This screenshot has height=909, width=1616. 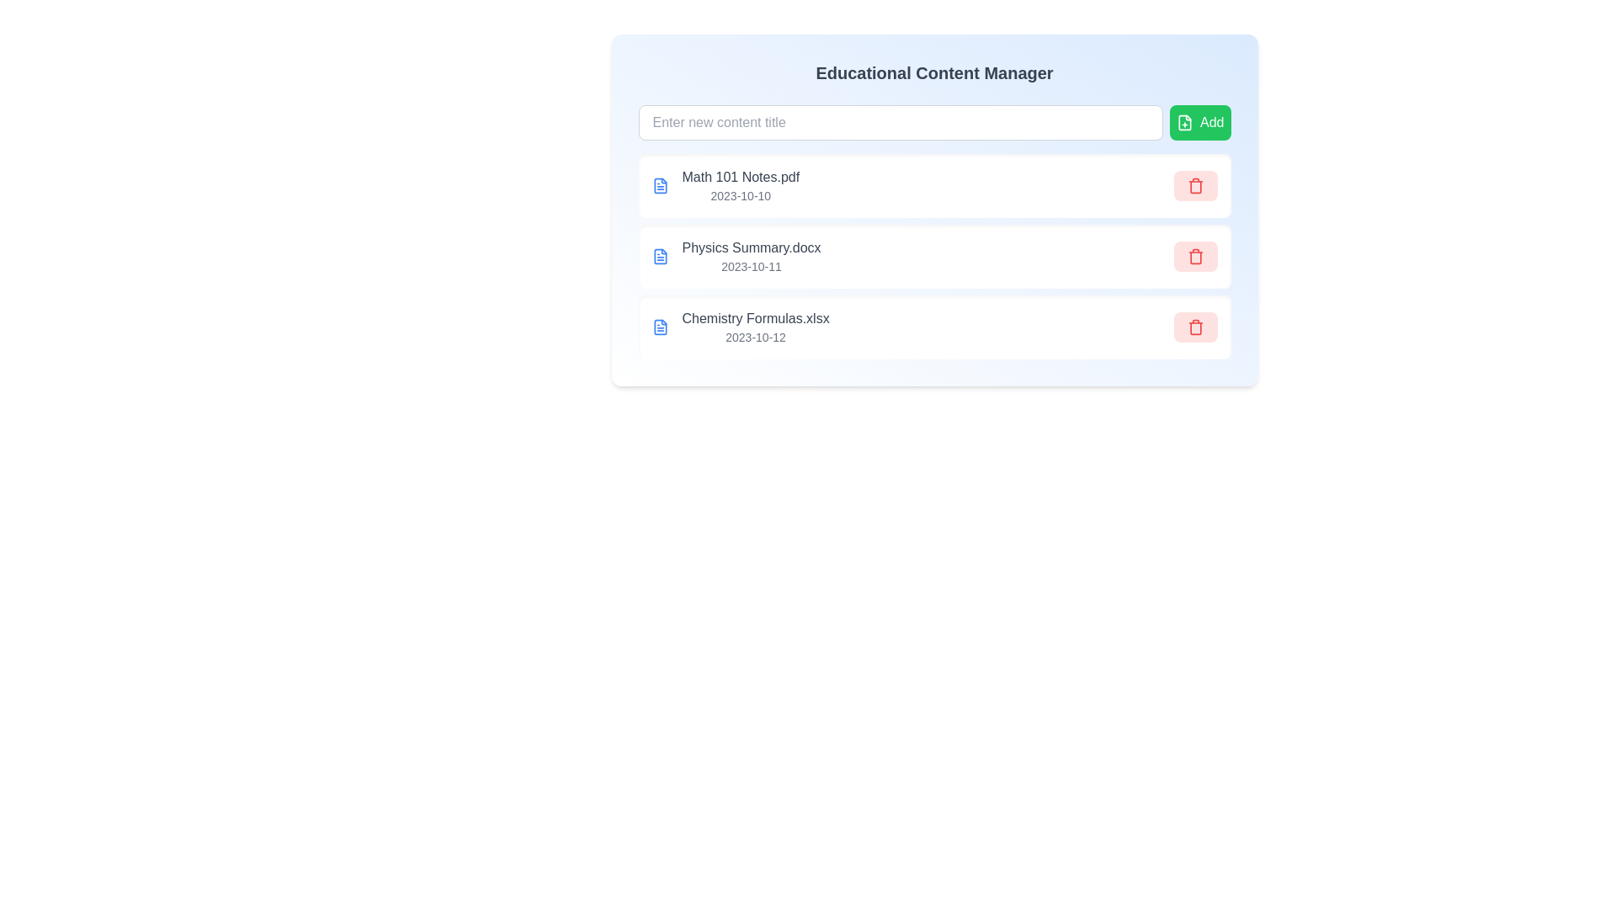 What do you see at coordinates (726, 185) in the screenshot?
I see `the list item displaying the file details for 'Math 101 Notes.pdf', which includes a blue file icon and a date '2023-10-10'` at bounding box center [726, 185].